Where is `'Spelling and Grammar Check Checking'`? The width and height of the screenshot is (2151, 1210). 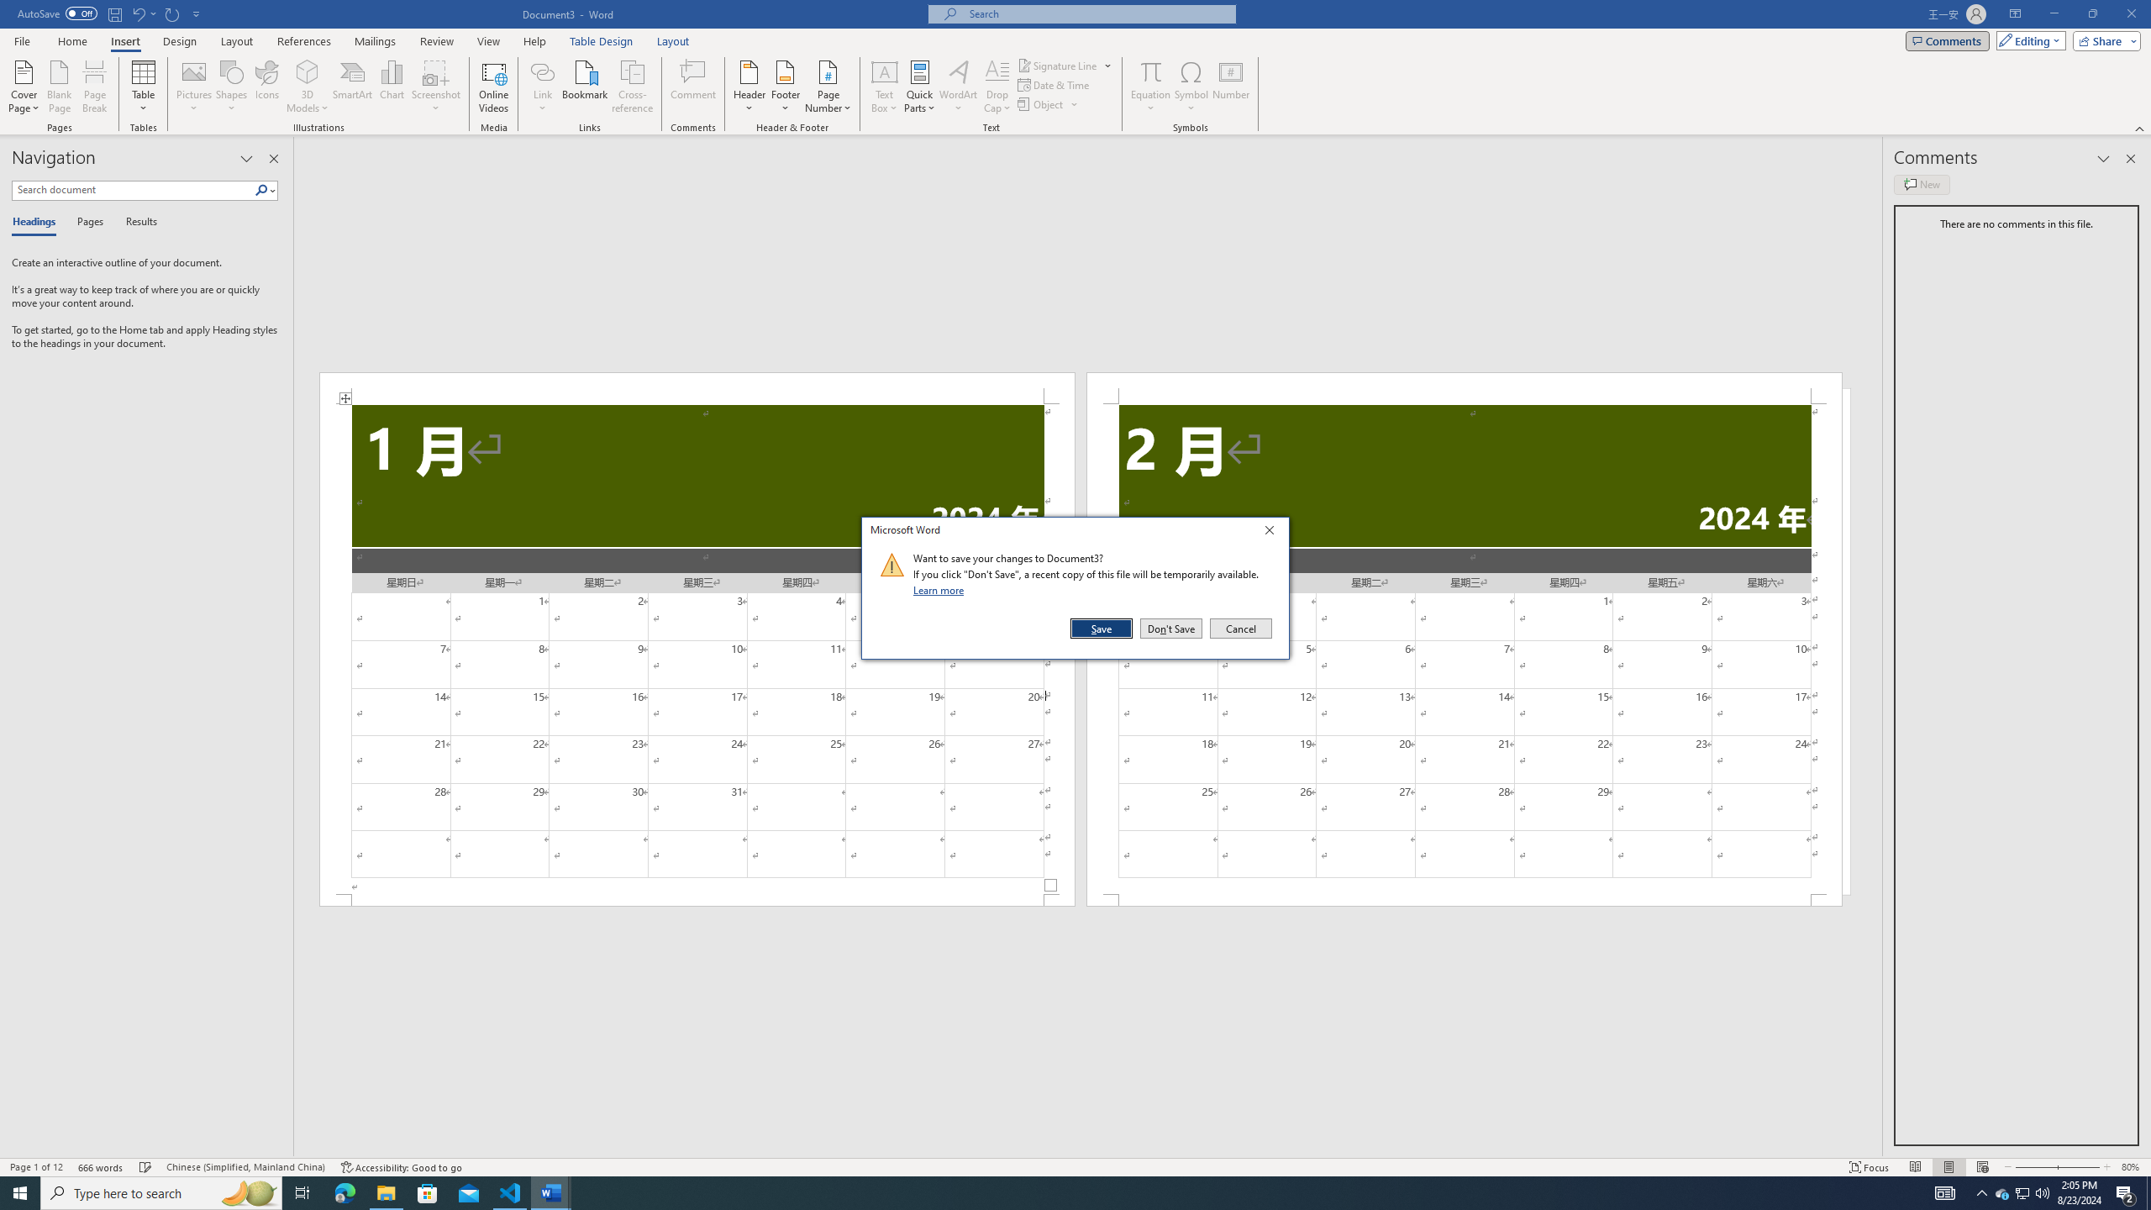
'Spelling and Grammar Check Checking' is located at coordinates (146, 1167).